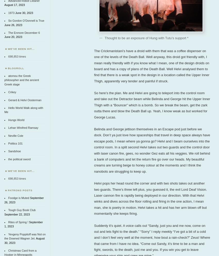  What do you see at coordinates (94, 198) in the screenshot?
I see `'Helvi pops her head round the corner and with two shots takes out another two guards. There’s three left plus, you guessed it, the evil Lord Deaf Vision. Laser cannon fire is rapidly being deployed in our direction. With that Helvi winks and dives across the floor rolling and firing in the one action, I mean man, she is poetry in motion. Helvi takes a hit and has her arm blown off but momentarily she keeps firing.'` at bounding box center [94, 198].